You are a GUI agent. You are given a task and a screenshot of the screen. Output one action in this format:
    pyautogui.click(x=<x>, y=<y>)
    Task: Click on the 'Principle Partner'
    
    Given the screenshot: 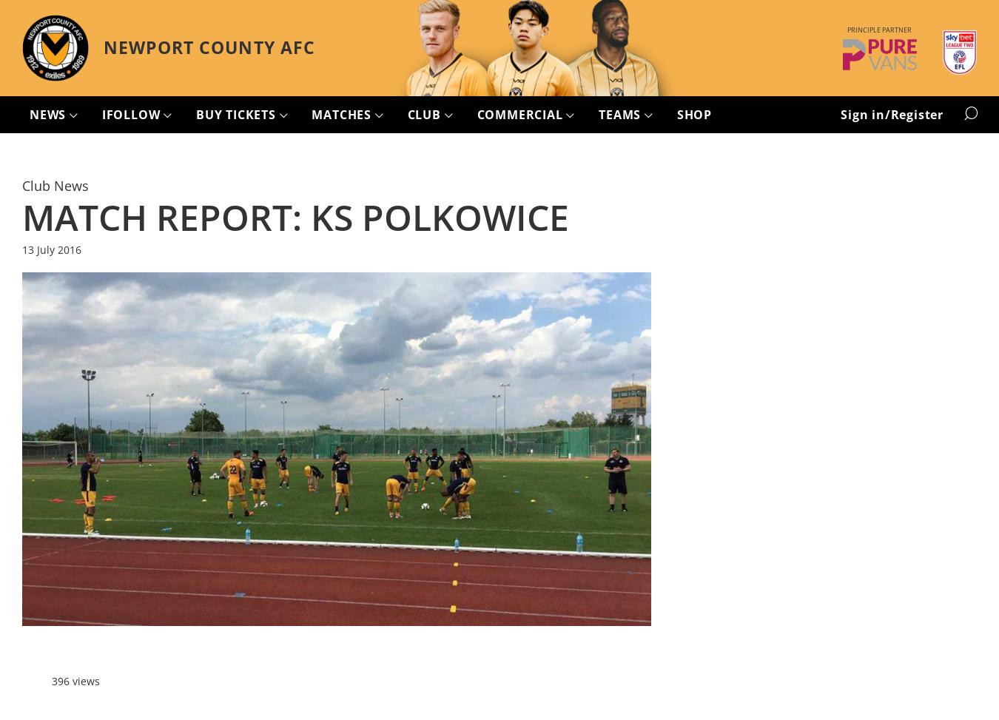 What is the action you would take?
    pyautogui.click(x=878, y=29)
    